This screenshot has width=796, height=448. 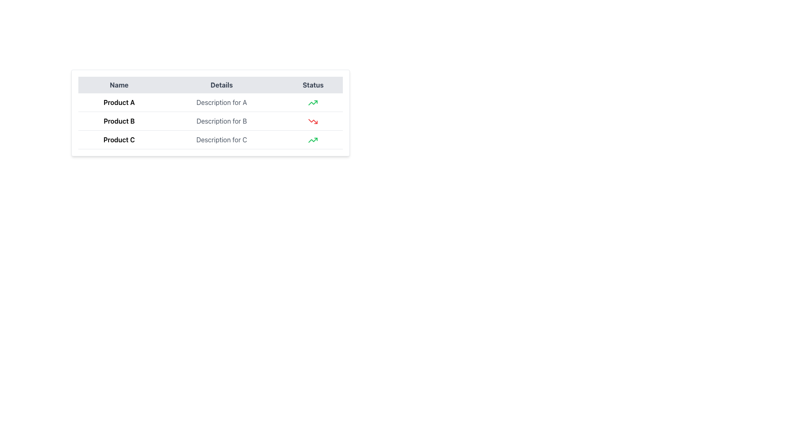 I want to click on red angular line shaped icon representing a downward trend located in the 'Status' column of the second row in a table layout, so click(x=313, y=122).